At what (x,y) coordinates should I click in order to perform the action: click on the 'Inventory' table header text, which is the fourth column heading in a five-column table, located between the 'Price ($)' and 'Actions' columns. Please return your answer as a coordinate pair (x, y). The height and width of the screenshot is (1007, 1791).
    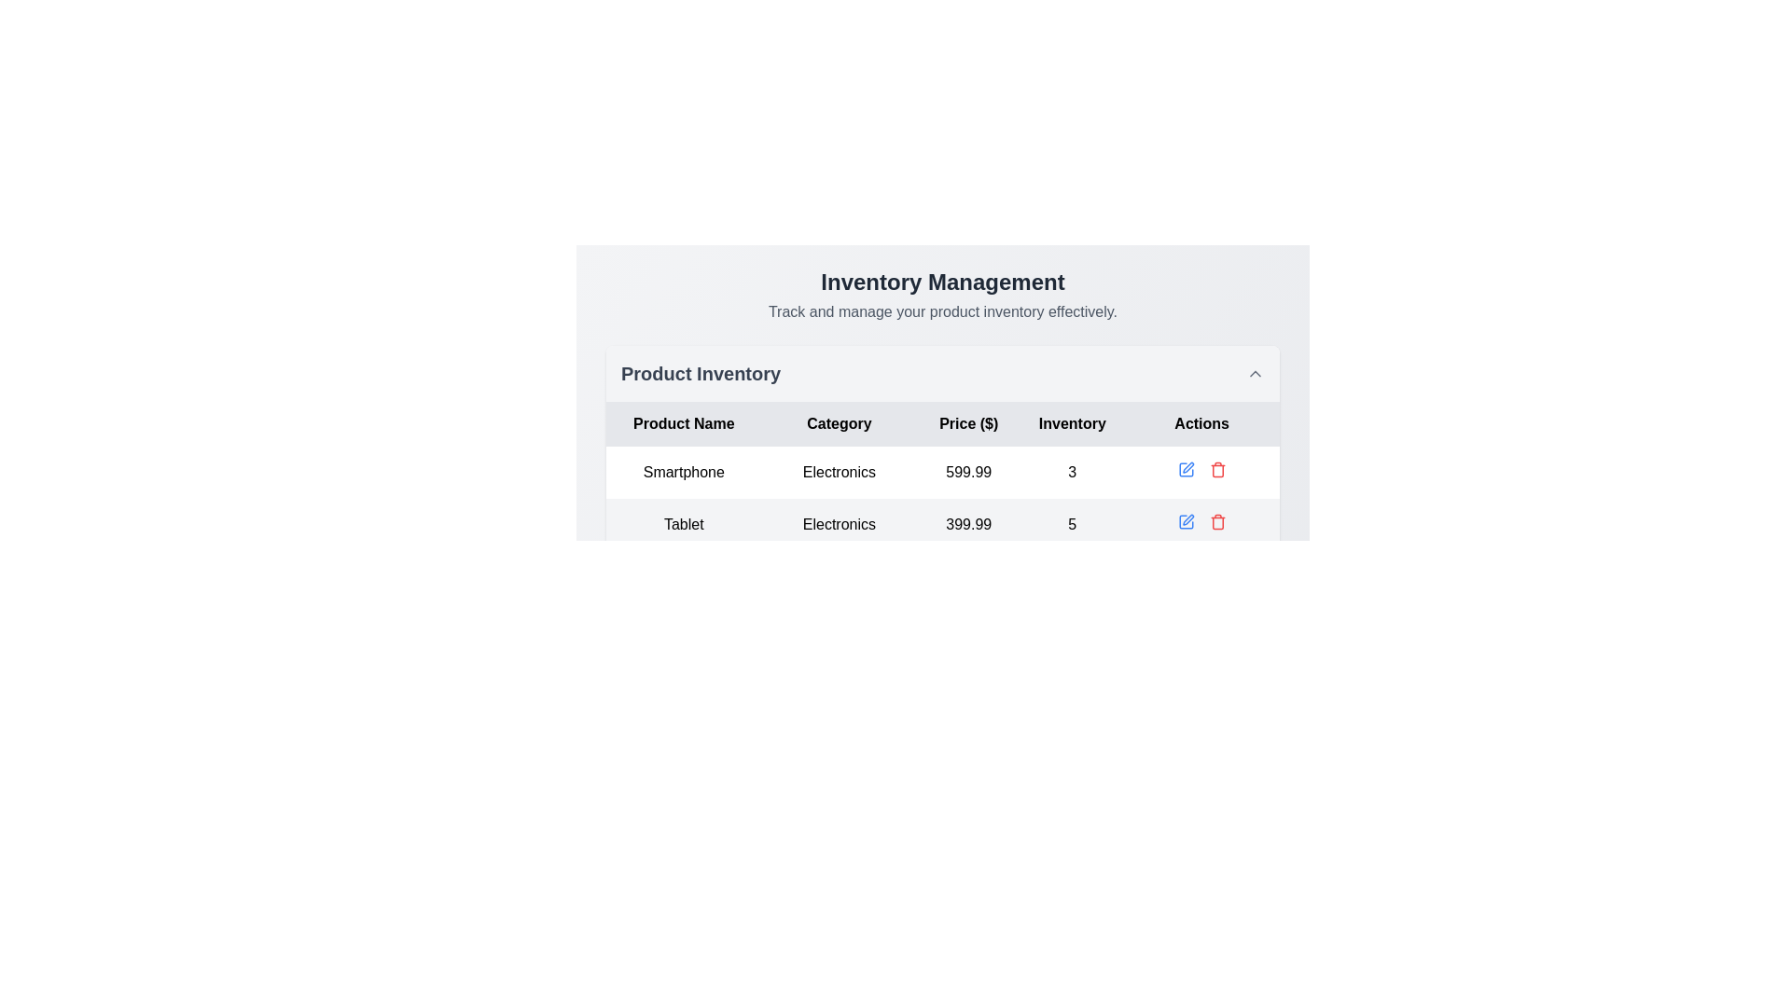
    Looking at the image, I should click on (1072, 424).